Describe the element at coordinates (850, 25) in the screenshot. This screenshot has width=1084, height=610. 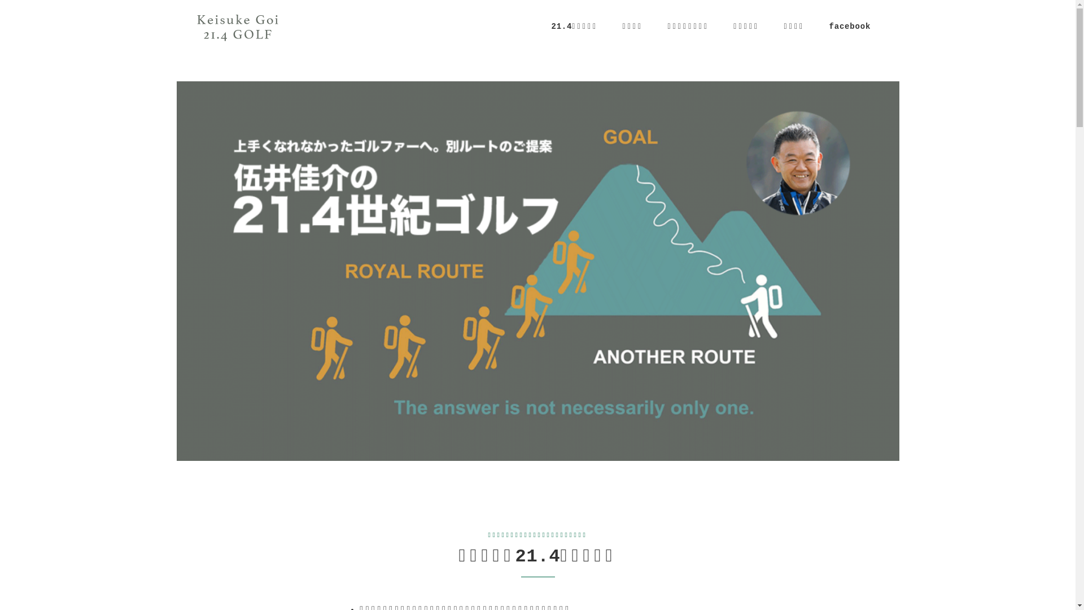
I see `'facebook'` at that location.